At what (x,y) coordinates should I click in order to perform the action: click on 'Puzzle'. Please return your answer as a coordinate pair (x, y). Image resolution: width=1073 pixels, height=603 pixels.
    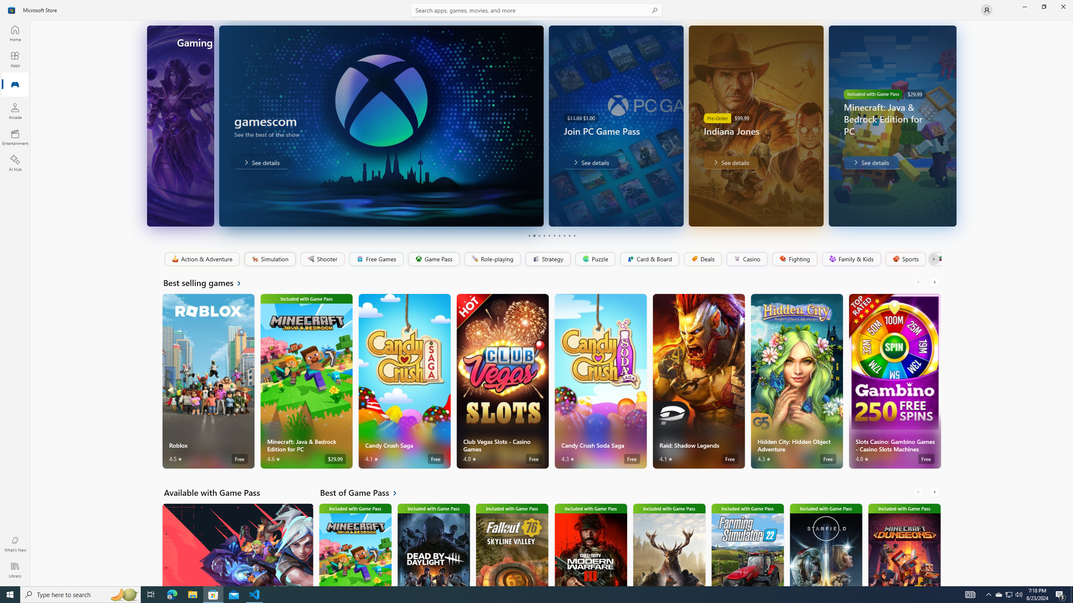
    Looking at the image, I should click on (594, 259).